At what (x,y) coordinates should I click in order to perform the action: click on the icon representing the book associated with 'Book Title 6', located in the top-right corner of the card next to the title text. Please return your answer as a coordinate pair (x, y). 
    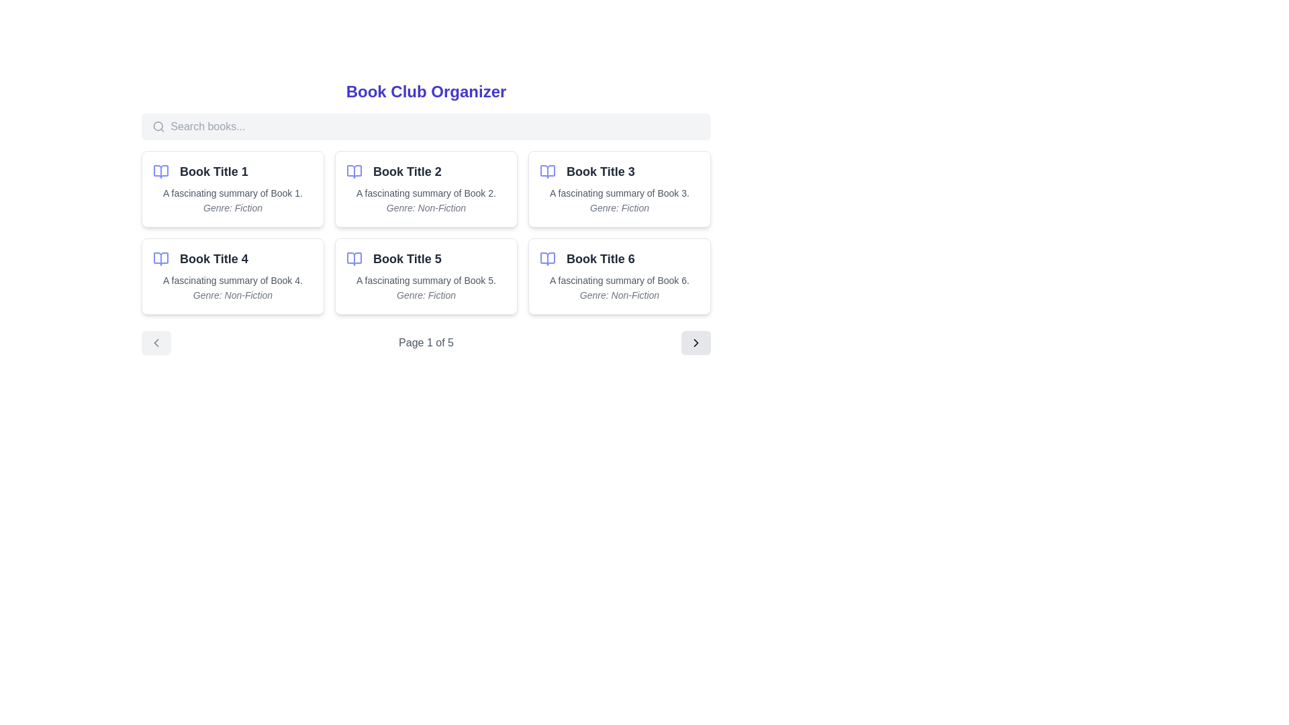
    Looking at the image, I should click on (548, 258).